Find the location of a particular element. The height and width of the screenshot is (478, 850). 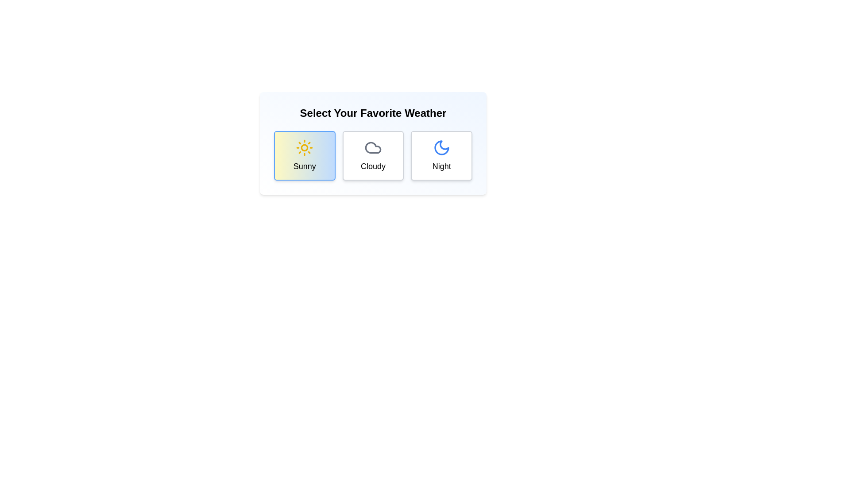

text content of the label that describes the associated weather option, which is located below the cloud icon in the middle of a row of three selectable weather options is located at coordinates (373, 166).